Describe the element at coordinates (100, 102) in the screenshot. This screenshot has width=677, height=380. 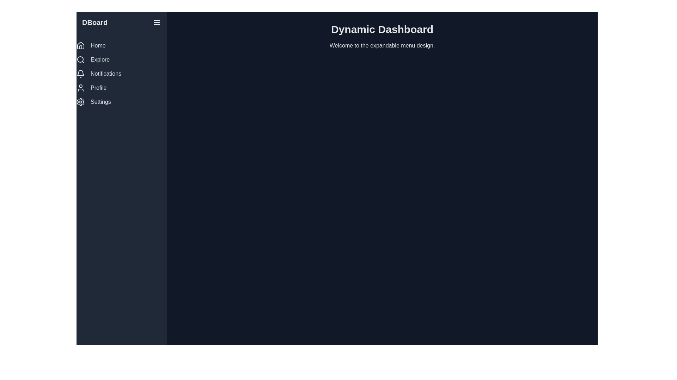
I see `text label displaying 'Settings' in the vertical sidebar menu, which has a white font color on a dark background` at that location.